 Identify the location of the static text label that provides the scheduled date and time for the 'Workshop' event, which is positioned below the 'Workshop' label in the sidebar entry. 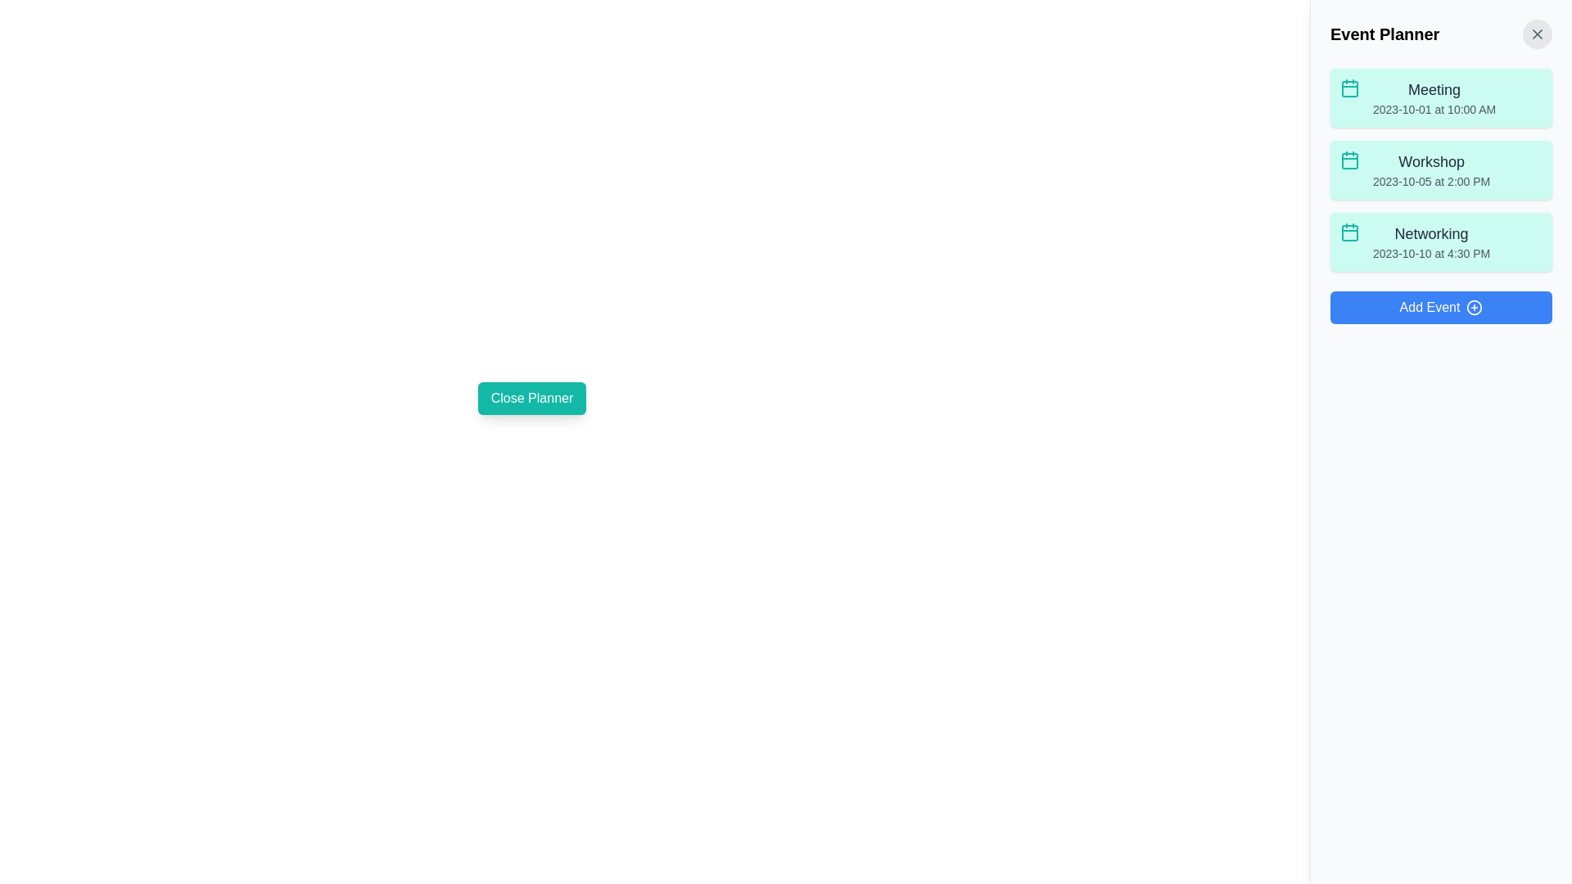
(1430, 182).